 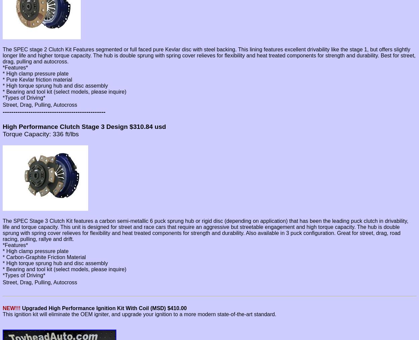 What do you see at coordinates (3, 314) in the screenshot?
I see `'This ignition
                          kit will eliminate the OEM igniter, and
                          upgrade your ignition to a more modern
                          state-of-the-art standard.'` at bounding box center [3, 314].